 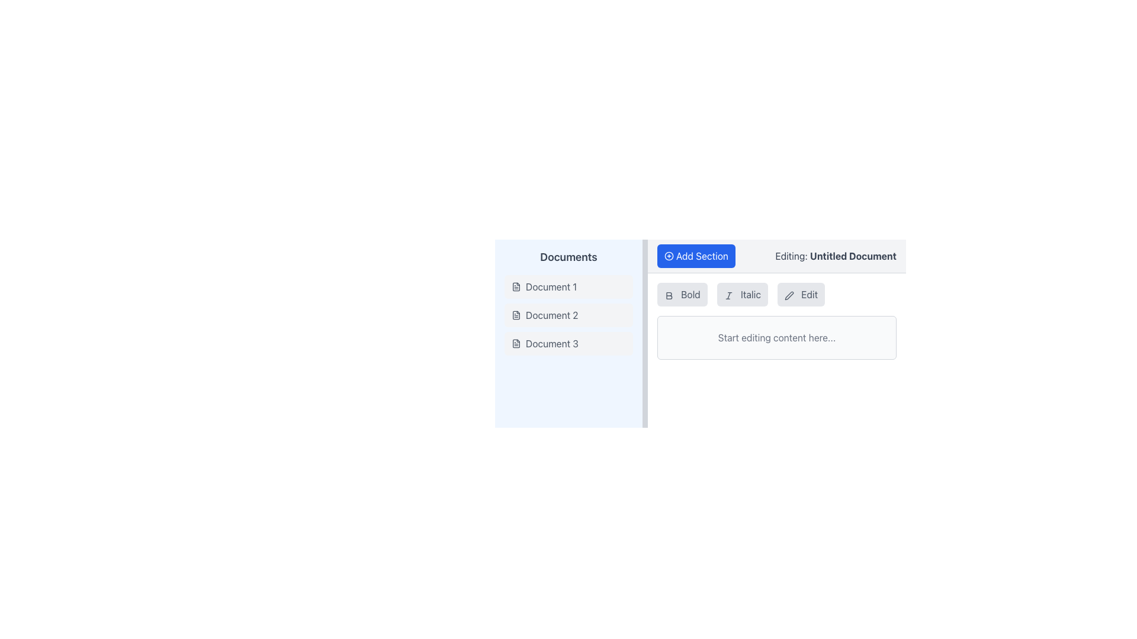 I want to click on the pen icon located to the left of the 'Edit' text in the toolbar, which is part of the button labeled 'Edit', so click(x=789, y=295).